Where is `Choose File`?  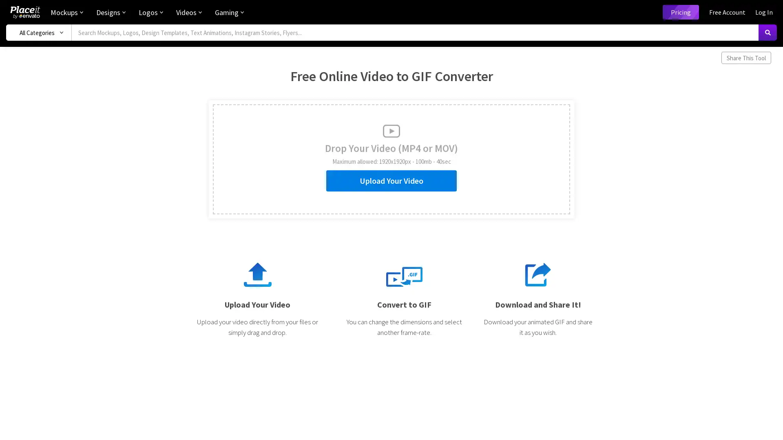 Choose File is located at coordinates (246, 177).